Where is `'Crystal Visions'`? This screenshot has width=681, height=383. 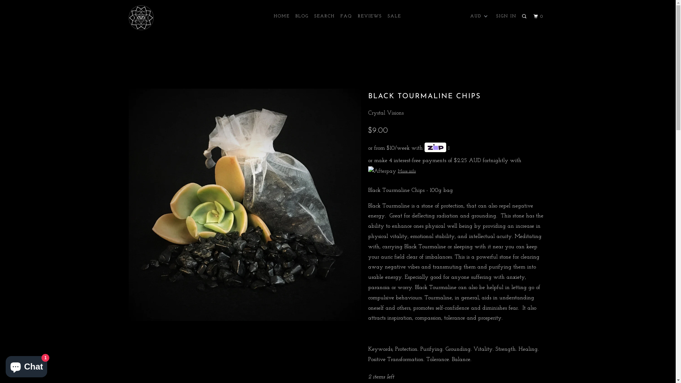 'Crystal Visions' is located at coordinates (386, 113).